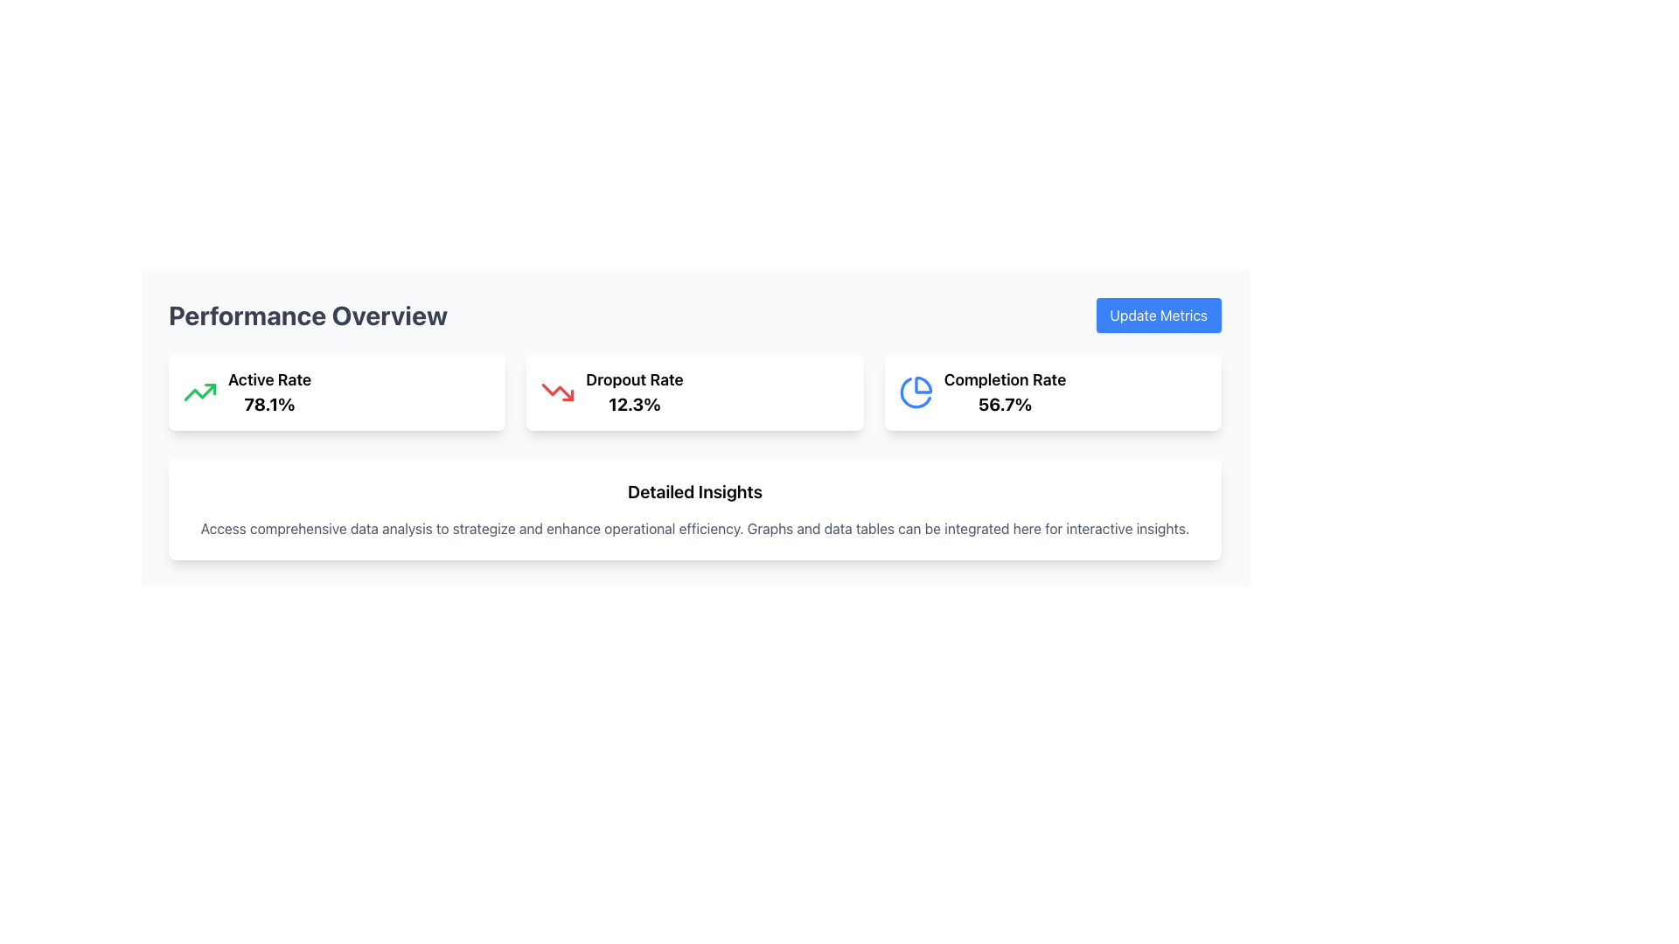 This screenshot has width=1679, height=944. What do you see at coordinates (268, 379) in the screenshot?
I see `the 'Active Rate' static text, which is presented in bold, large font with a black color, located at the top of the leftmost card among three cards, and has a green upward trending arrow icon to its left` at bounding box center [268, 379].